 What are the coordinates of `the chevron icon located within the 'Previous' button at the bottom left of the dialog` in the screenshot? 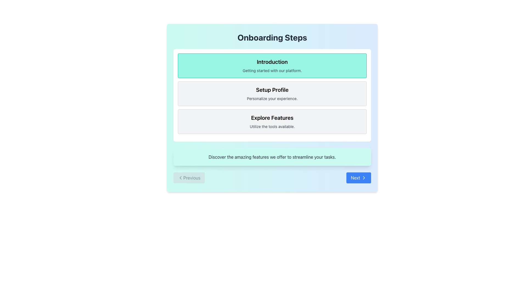 It's located at (180, 178).